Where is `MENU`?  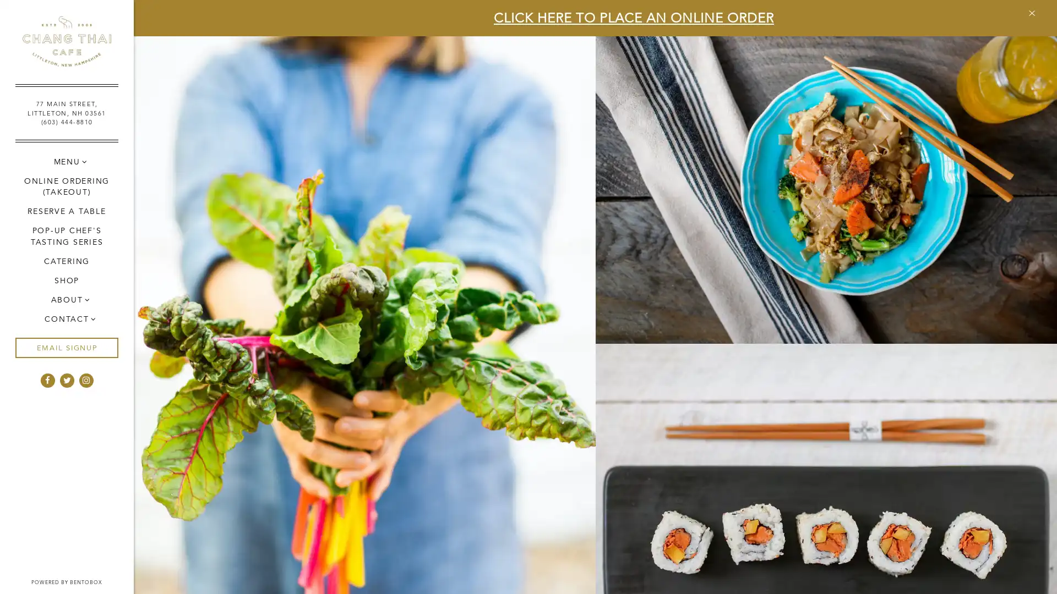 MENU is located at coordinates (66, 161).